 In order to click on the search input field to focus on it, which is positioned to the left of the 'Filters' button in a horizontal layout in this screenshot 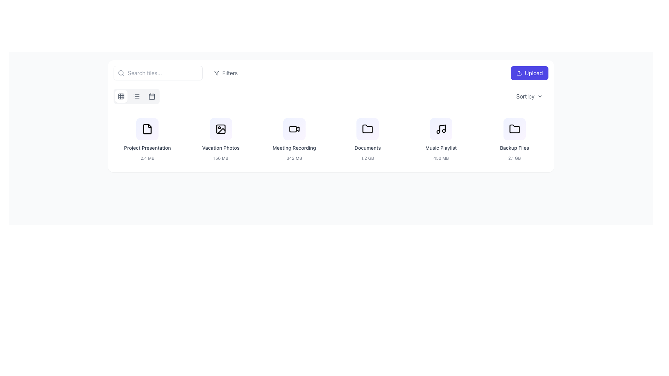, I will do `click(158, 73)`.